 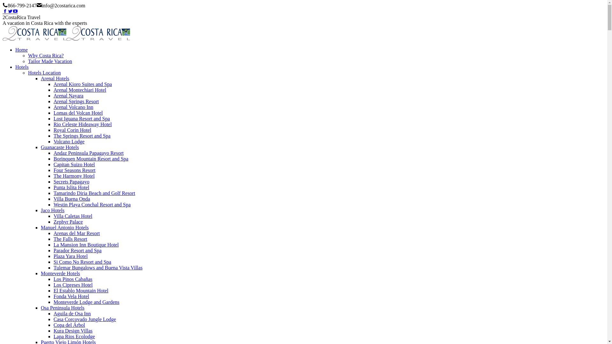 I want to click on 'Punta Islita Hotel', so click(x=71, y=187).